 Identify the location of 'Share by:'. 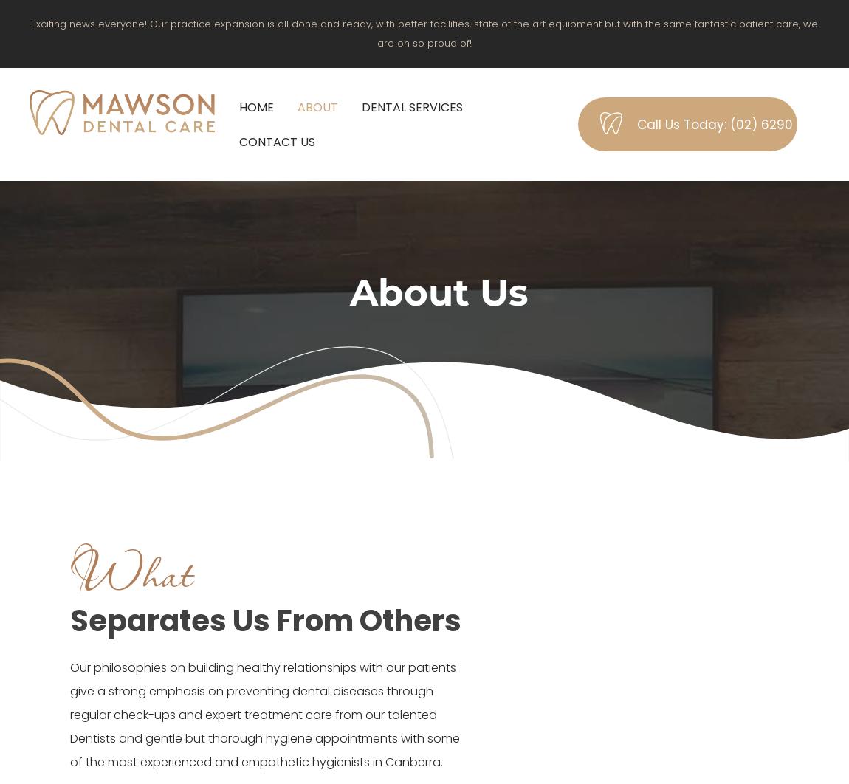
(61, 37).